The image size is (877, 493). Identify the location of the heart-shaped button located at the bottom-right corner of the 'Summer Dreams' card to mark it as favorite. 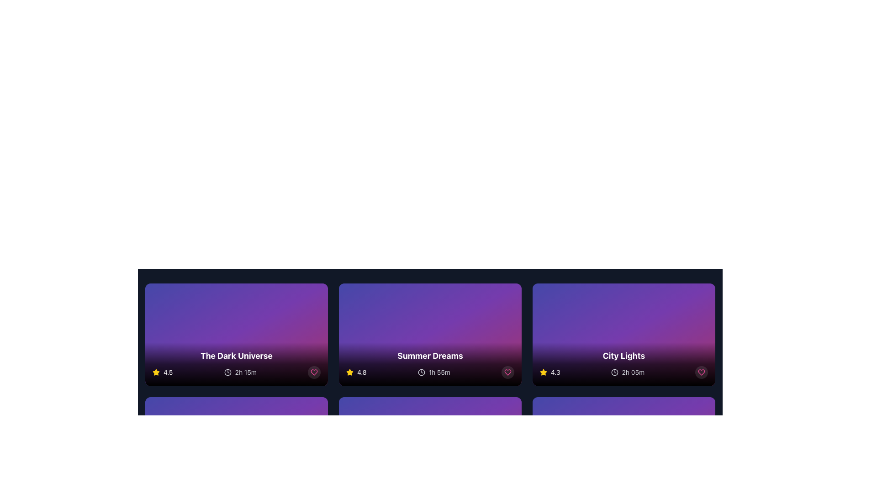
(507, 372).